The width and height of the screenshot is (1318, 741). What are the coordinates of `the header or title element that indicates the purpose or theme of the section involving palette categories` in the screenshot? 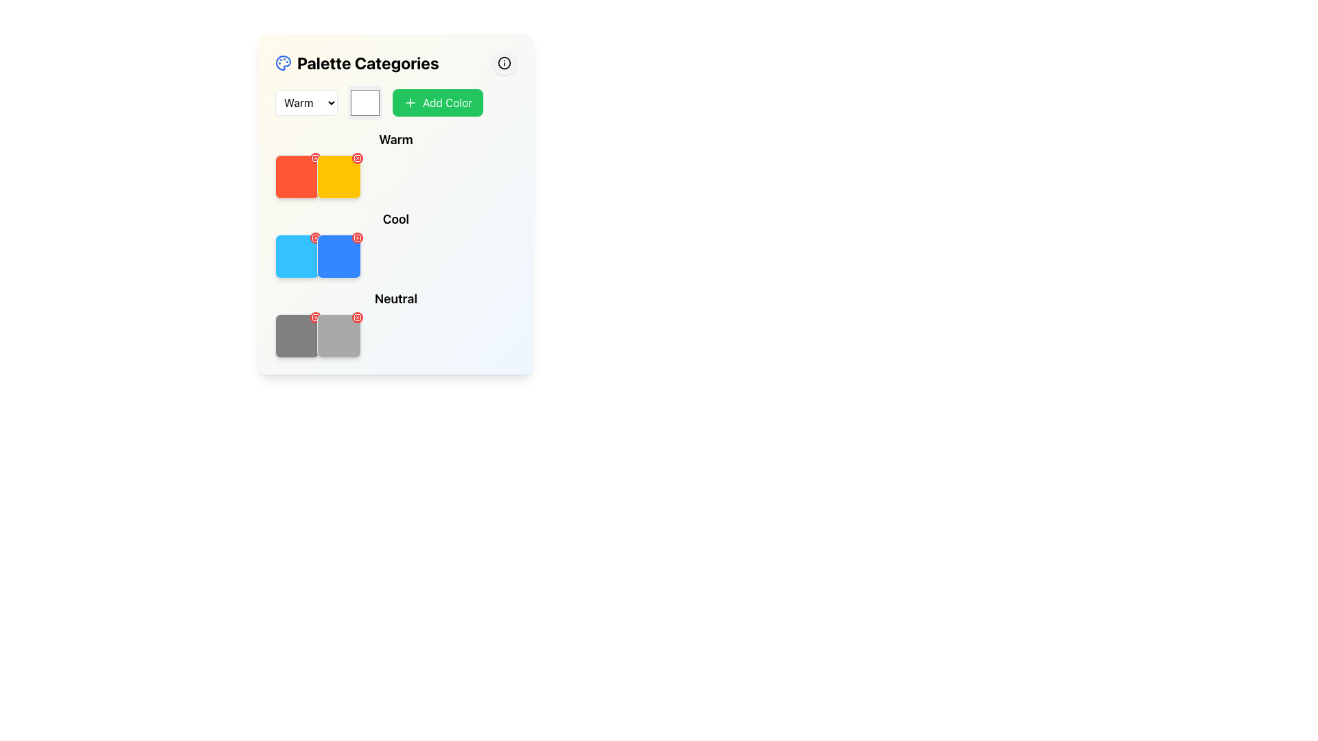 It's located at (395, 63).